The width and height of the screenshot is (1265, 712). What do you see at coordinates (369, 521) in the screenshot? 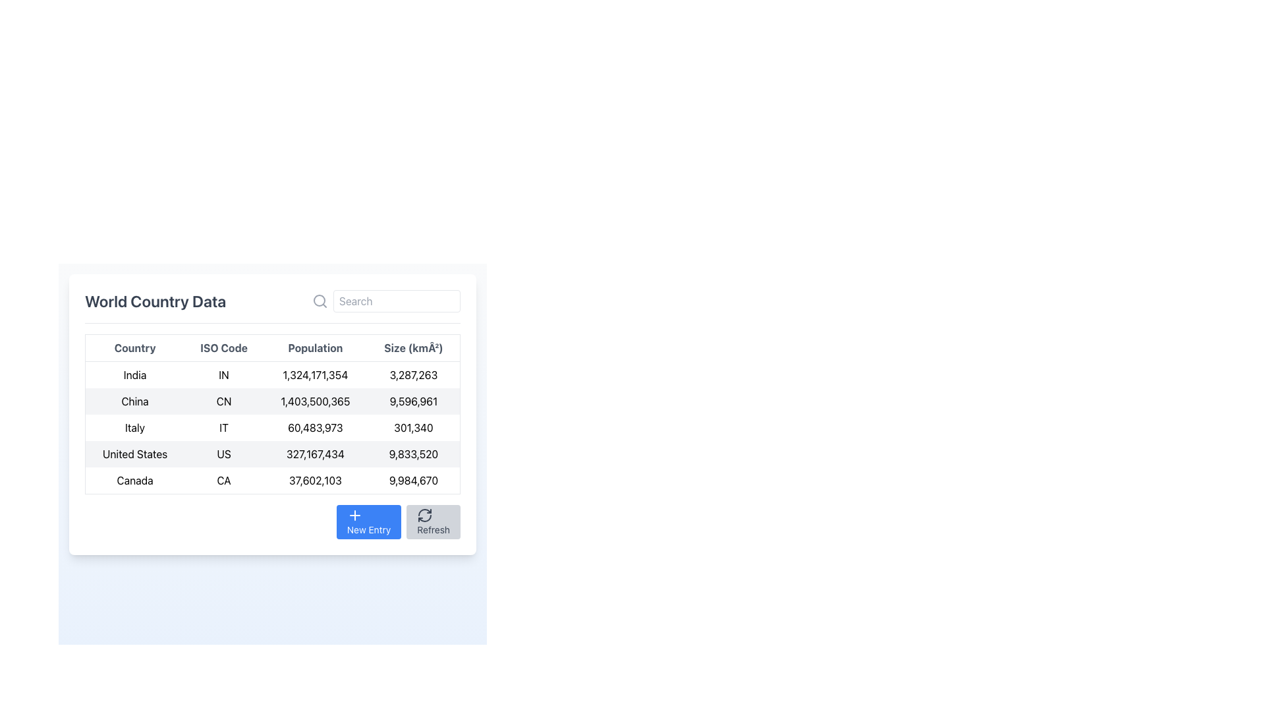
I see `the blue 'New Entry' button with a white plus sign icon and text, located in the action bar below the 'World Country Data' table` at bounding box center [369, 521].